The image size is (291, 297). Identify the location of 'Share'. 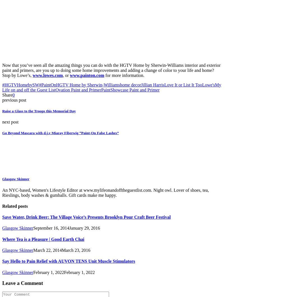
(2, 94).